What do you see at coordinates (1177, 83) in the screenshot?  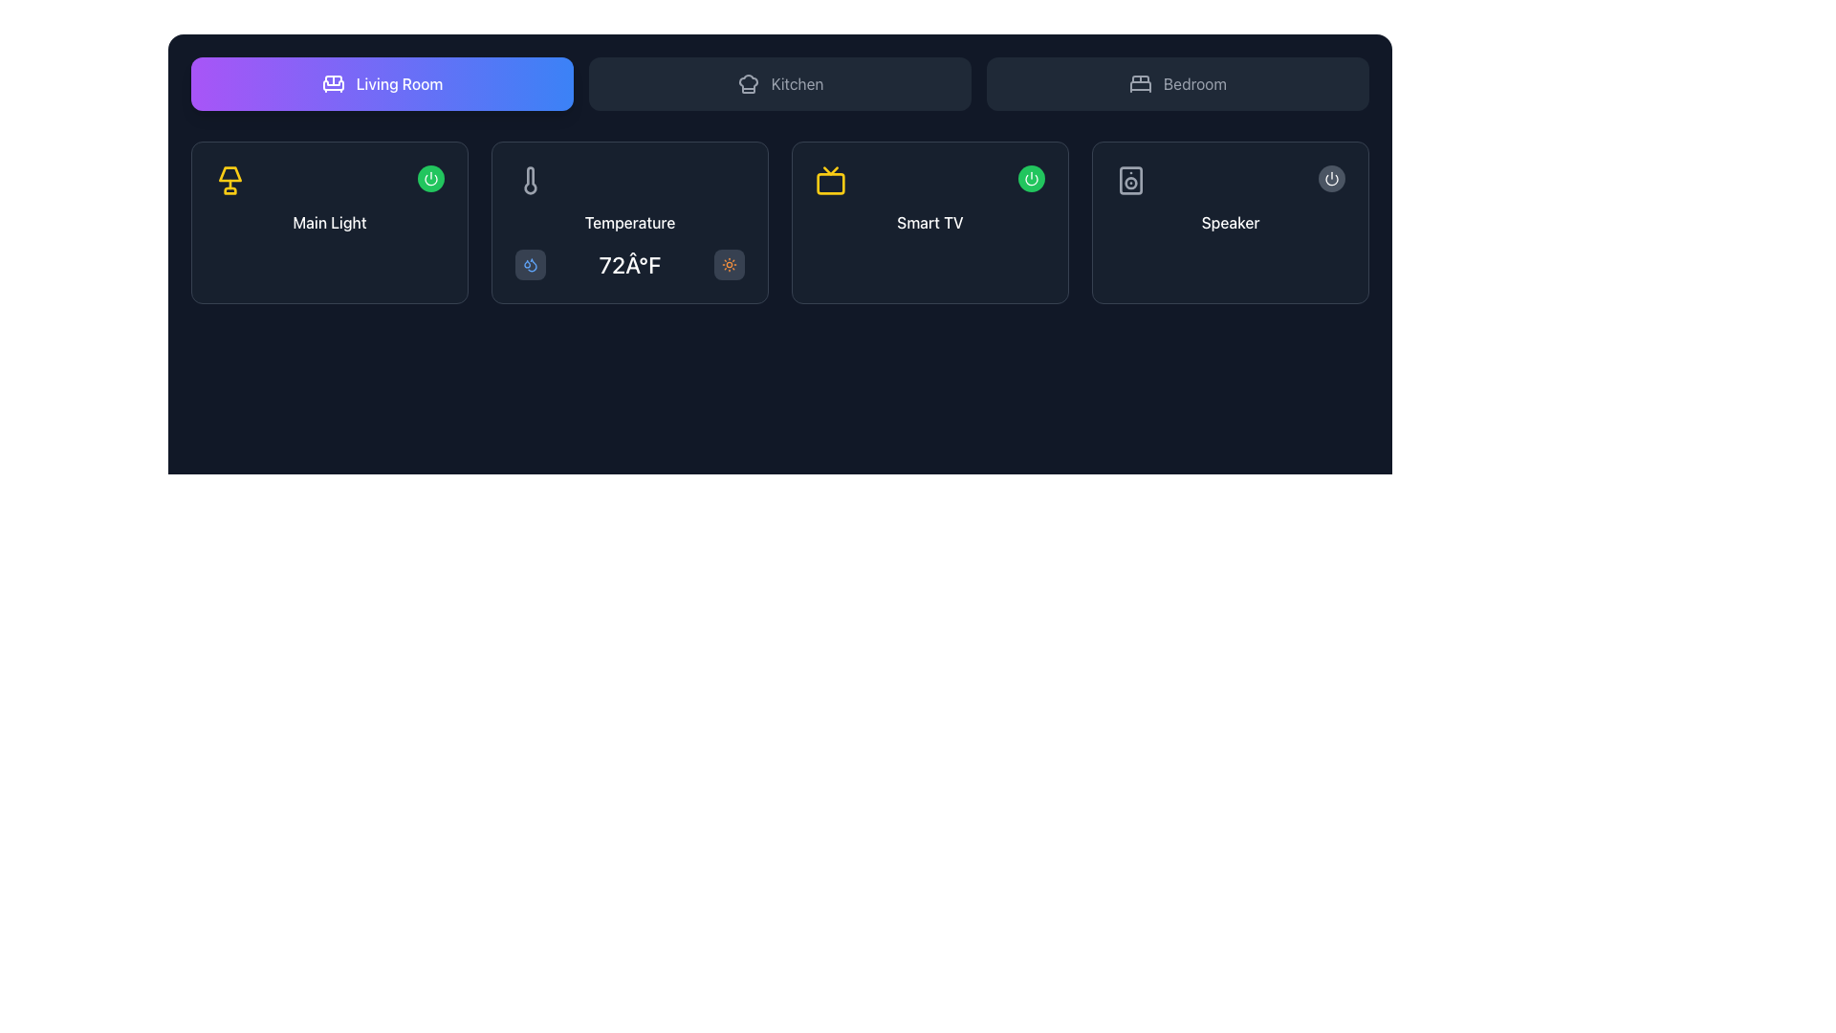 I see `the 'Bedroom' label with the associated double bed icon located` at bounding box center [1177, 83].